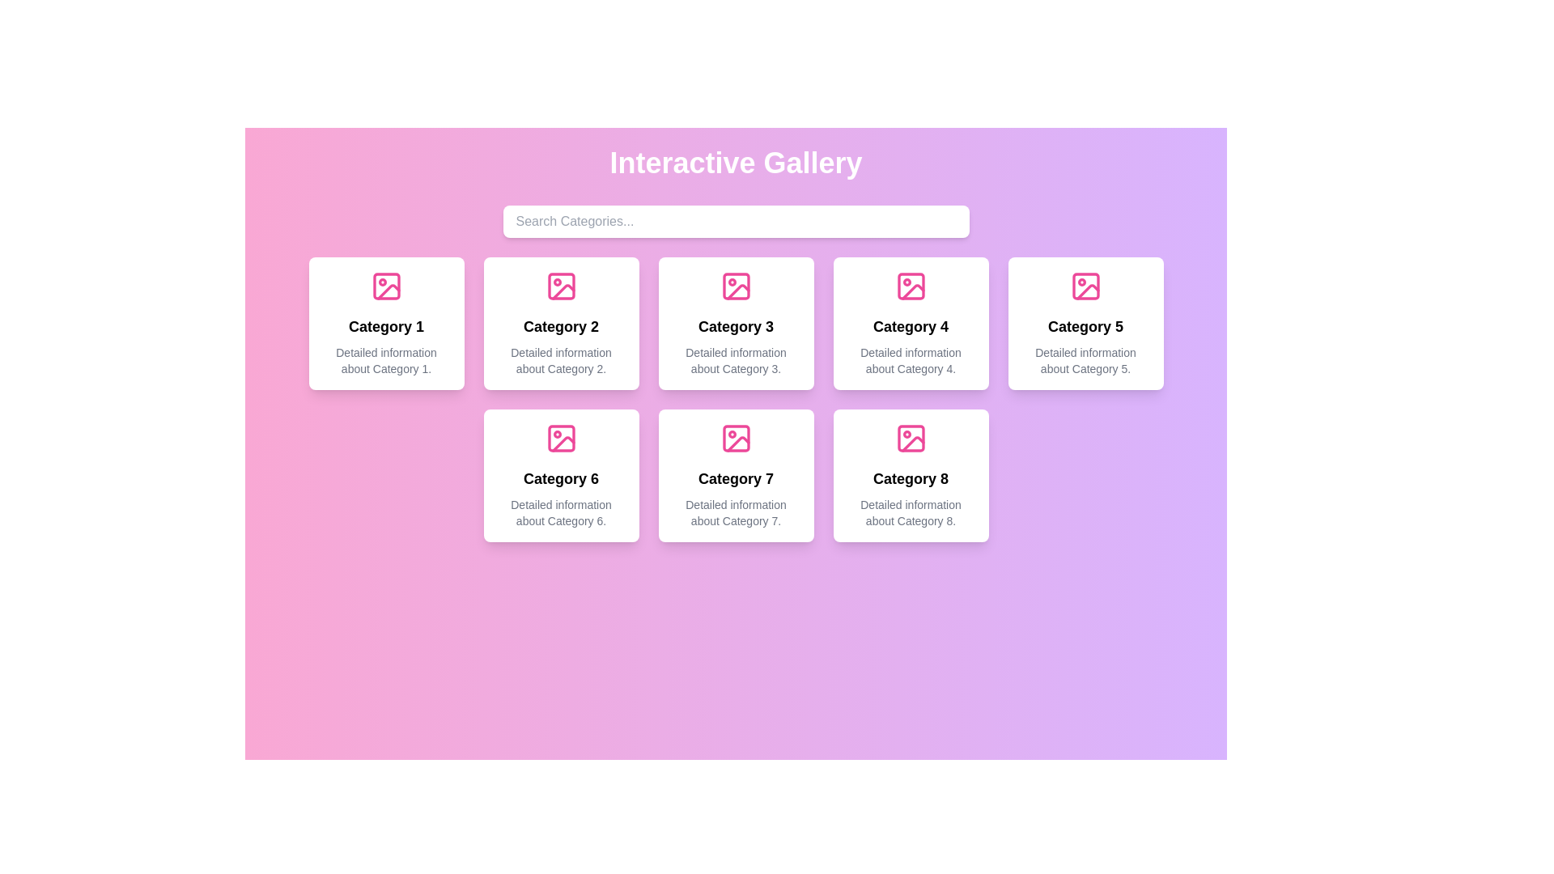 Image resolution: width=1554 pixels, height=874 pixels. Describe the element at coordinates (385, 286) in the screenshot. I see `the decorative graphical element, a small pink rectangle with rounded corners, located in the top-left corner of the image icon on the 'Category 1' card` at that location.